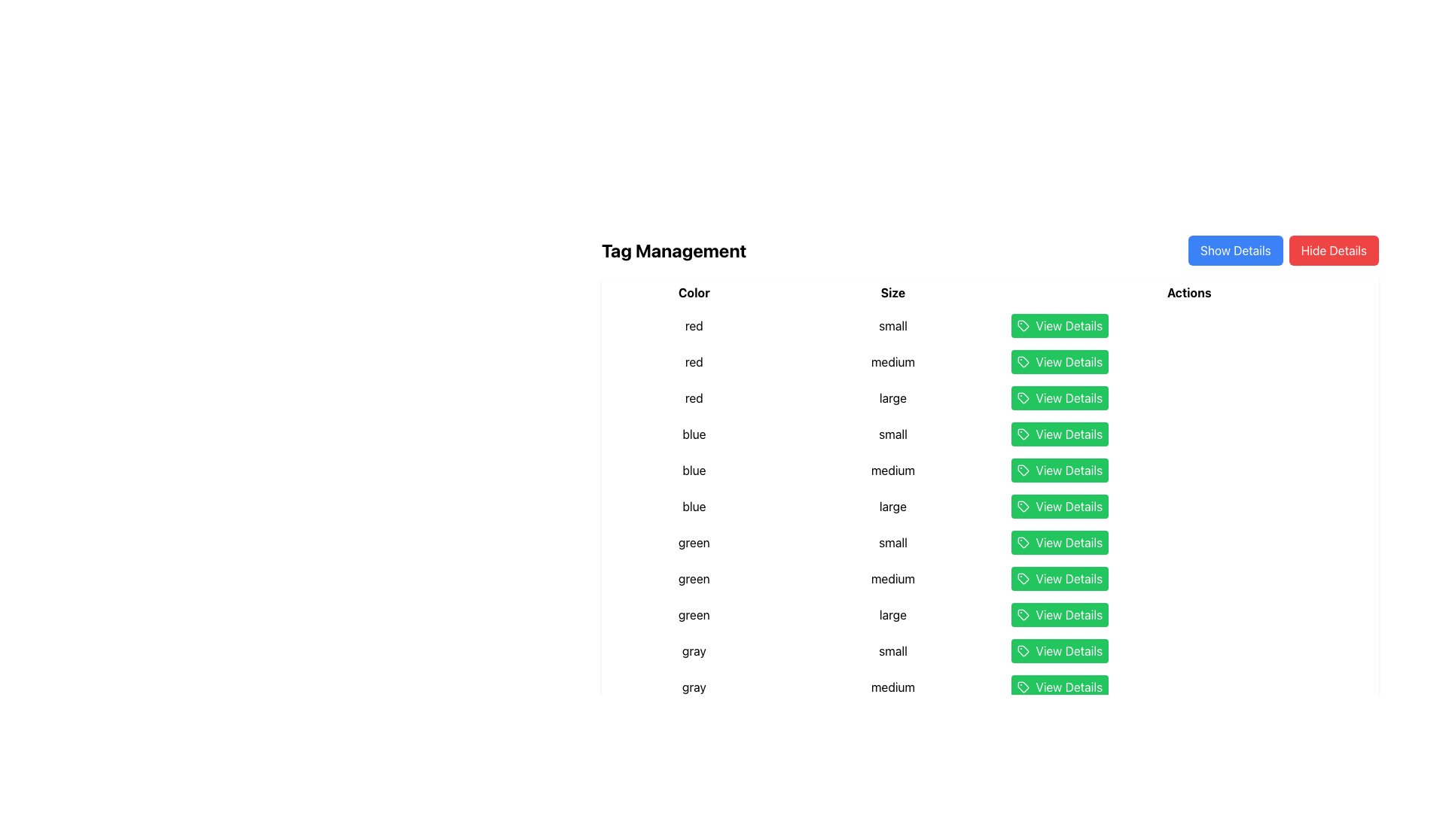 This screenshot has width=1446, height=813. Describe the element at coordinates (1023, 686) in the screenshot. I see `the green tag icon located in the 'Actions' column of the last row, which represents the action to 'View Details'` at that location.